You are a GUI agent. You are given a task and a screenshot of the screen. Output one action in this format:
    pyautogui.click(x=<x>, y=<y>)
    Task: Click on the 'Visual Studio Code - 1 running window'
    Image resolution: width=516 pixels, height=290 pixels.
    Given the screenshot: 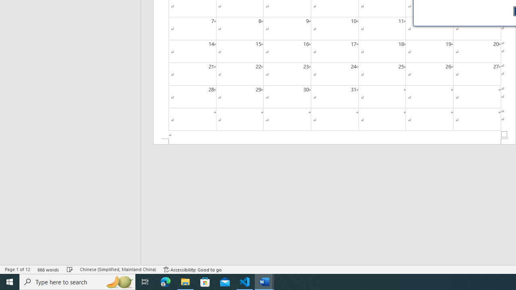 What is the action you would take?
    pyautogui.click(x=244, y=281)
    